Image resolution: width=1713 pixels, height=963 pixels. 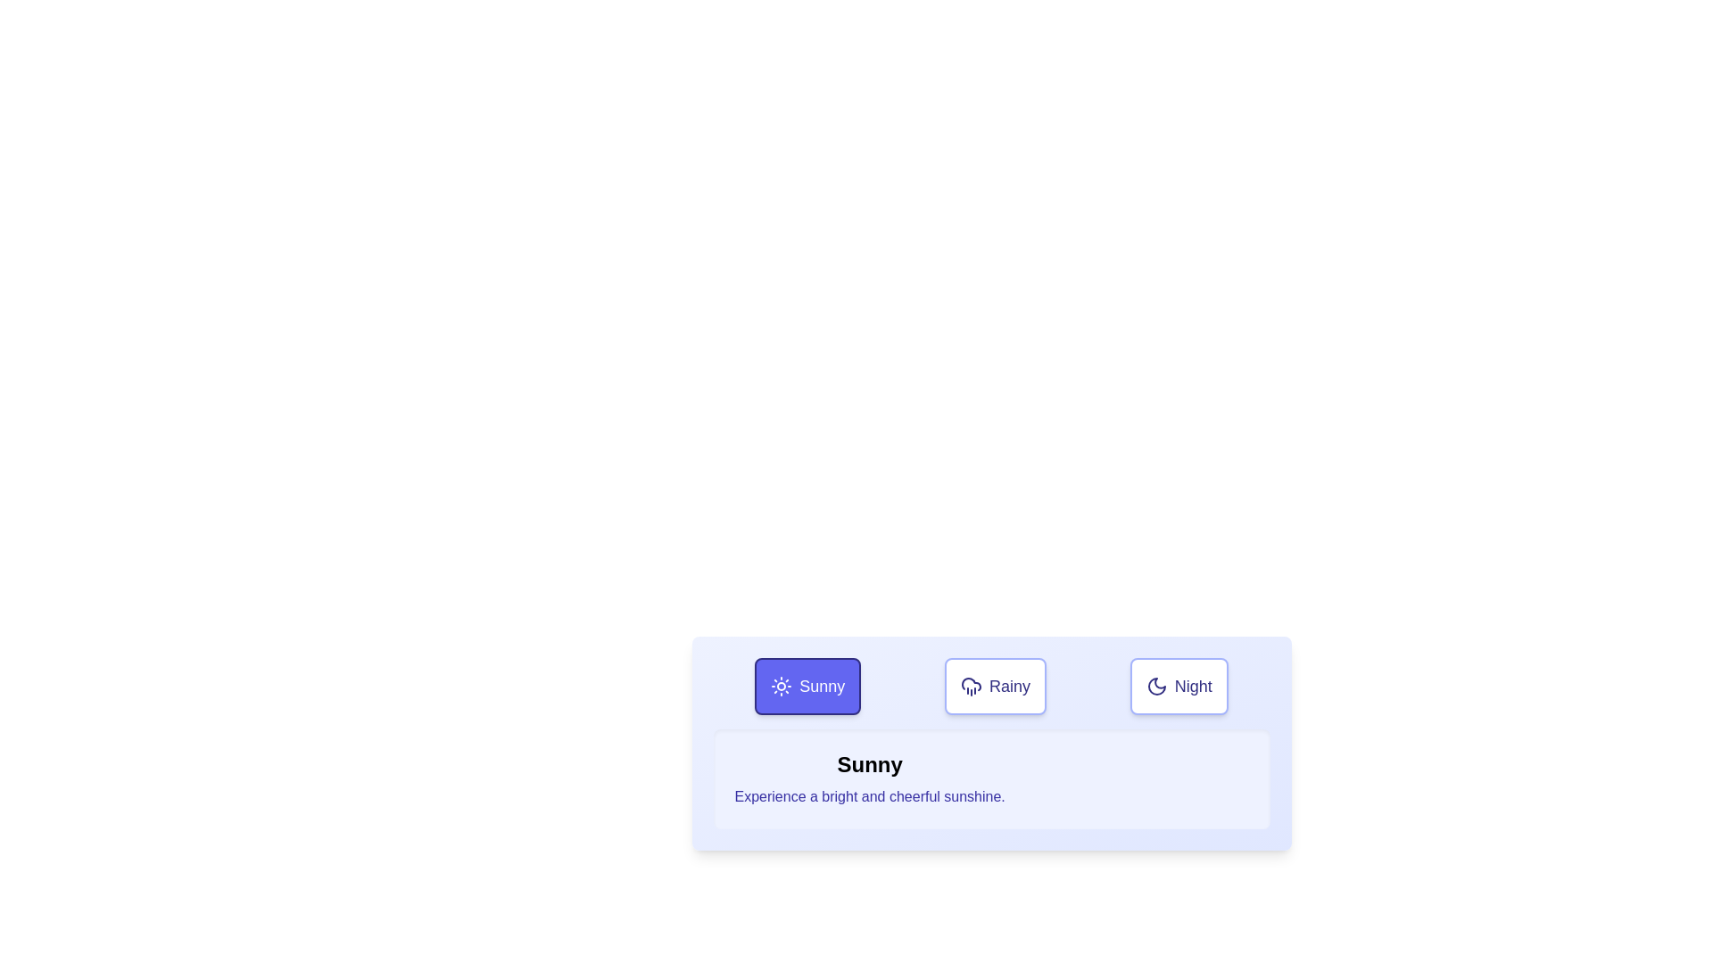 I want to click on the rain cloud icon within the 'Rainy' button, which is part of a trio of buttons labeled 'Sunny', 'Rainy', and 'Night', so click(x=971, y=686).